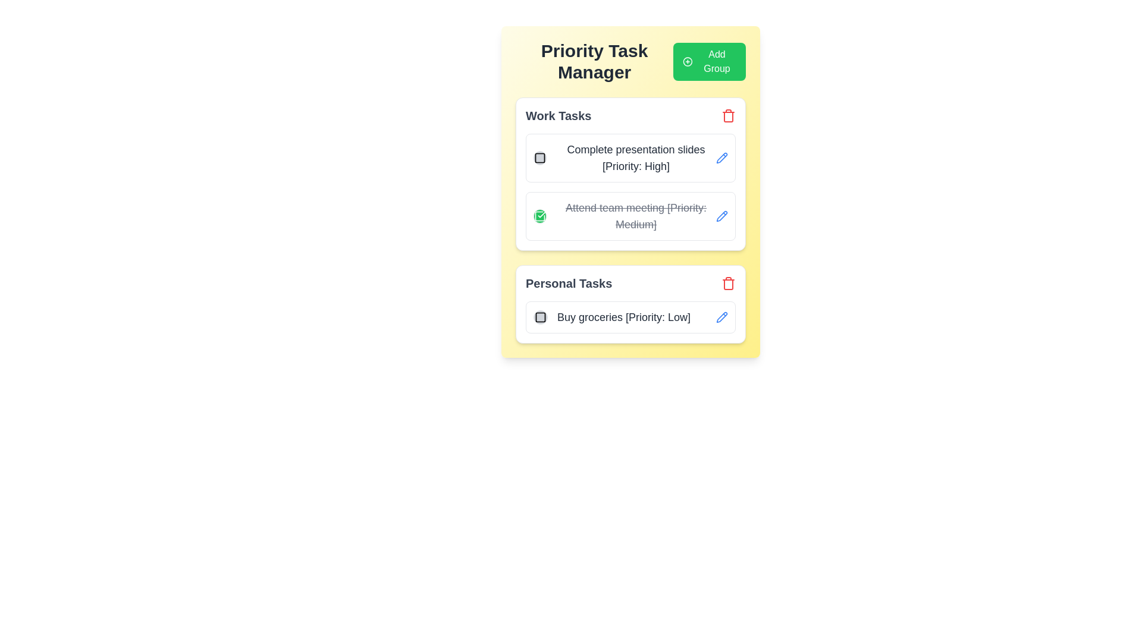 The height and width of the screenshot is (642, 1142). I want to click on the second task item within the 'Work Tasks' section of the task management interface, so click(624, 216).